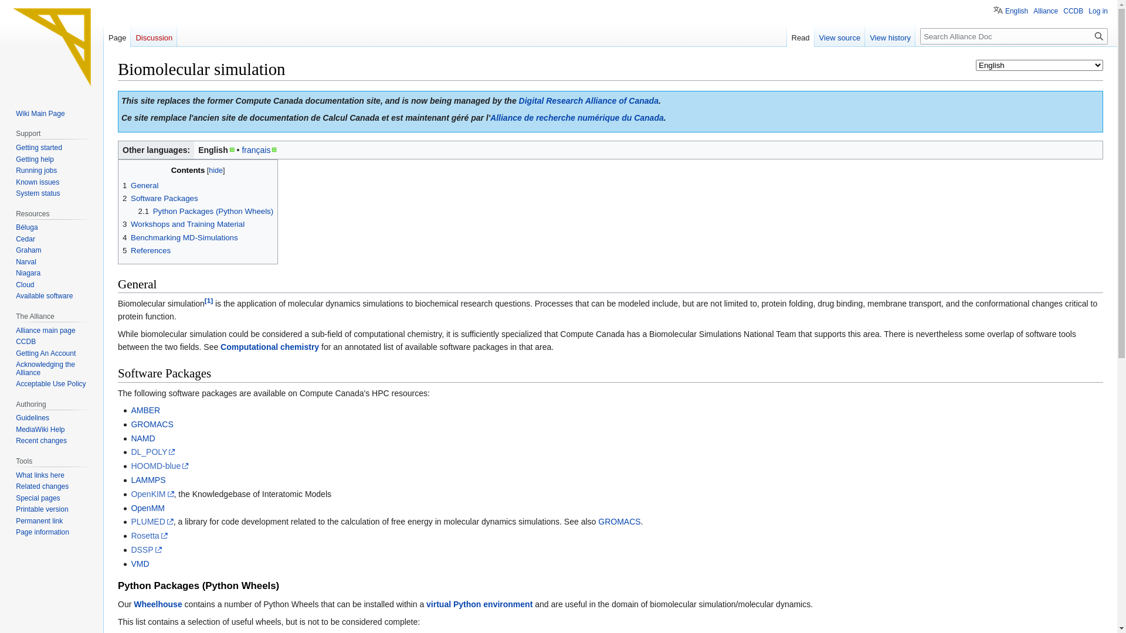 The height and width of the screenshot is (633, 1126). Describe the element at coordinates (588, 100) in the screenshot. I see `'Digital Research Alliance of Canada'` at that location.